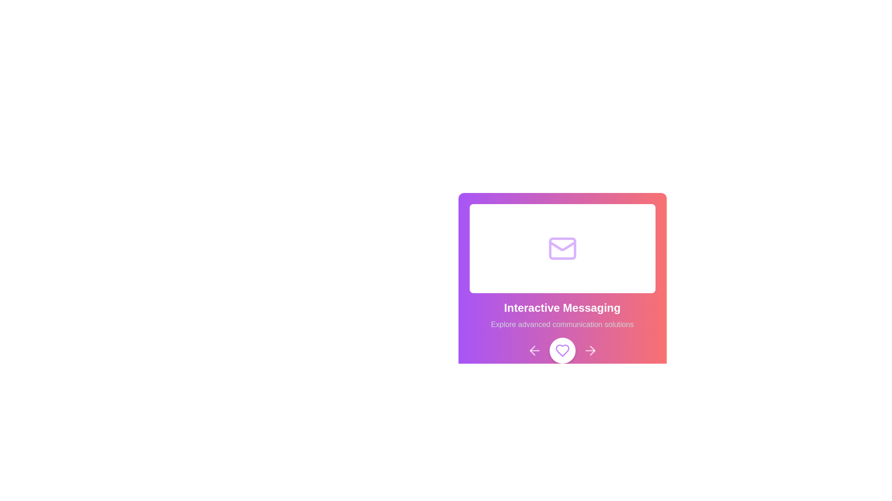 The height and width of the screenshot is (501, 892). What do you see at coordinates (562, 248) in the screenshot?
I see `the purple envelope icon representing the email or messaging feature` at bounding box center [562, 248].